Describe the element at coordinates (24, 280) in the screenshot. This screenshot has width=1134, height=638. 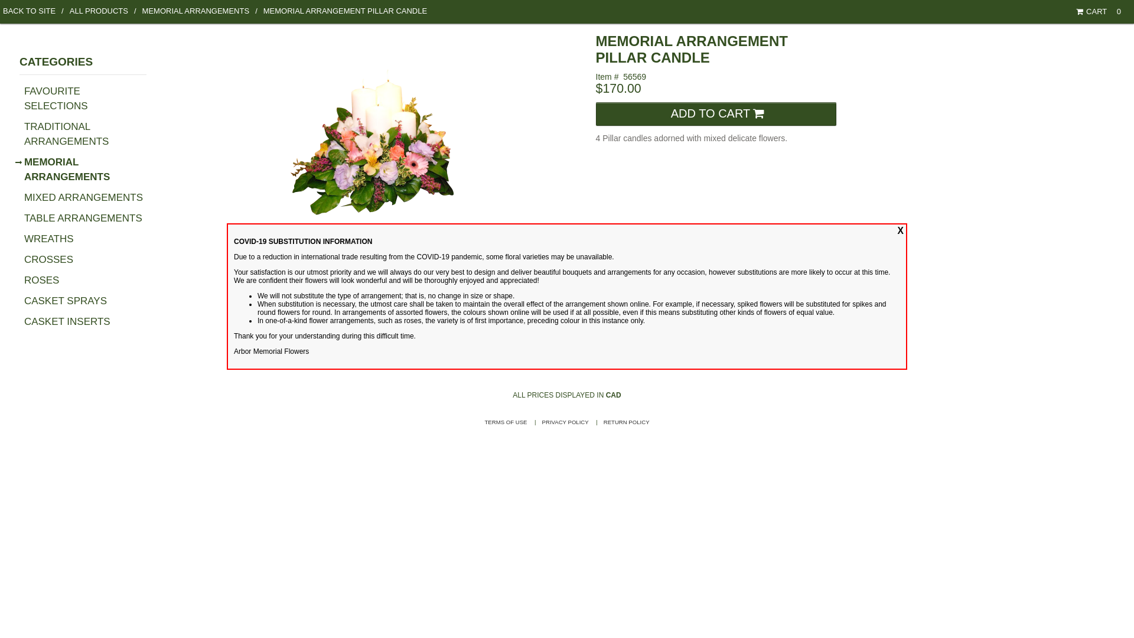
I see `'ROSES'` at that location.